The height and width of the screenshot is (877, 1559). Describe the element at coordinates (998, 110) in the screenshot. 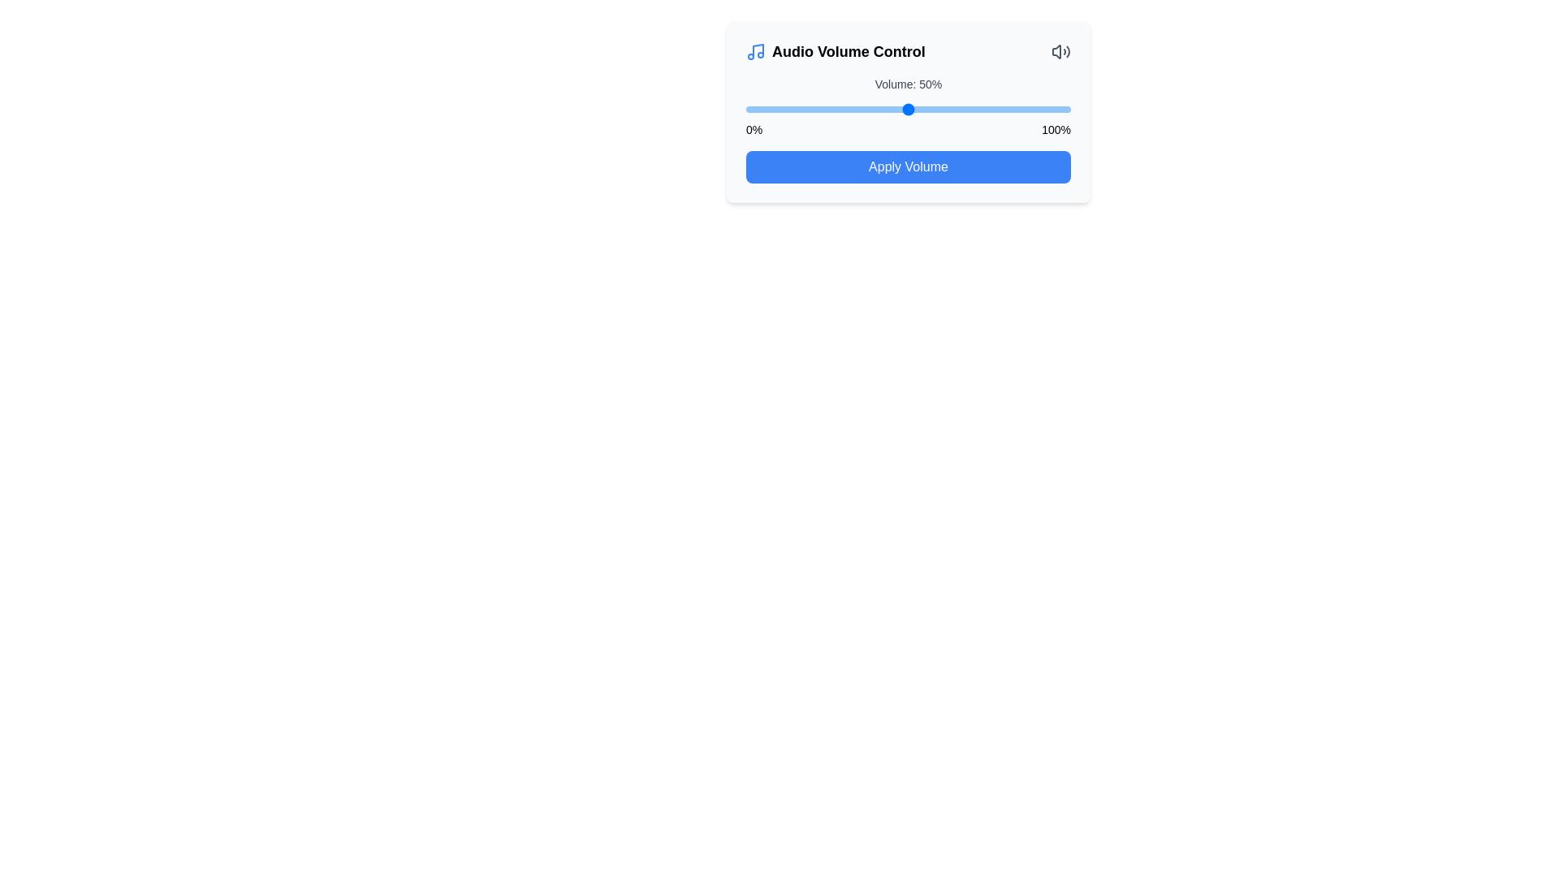

I see `the volume level` at that location.